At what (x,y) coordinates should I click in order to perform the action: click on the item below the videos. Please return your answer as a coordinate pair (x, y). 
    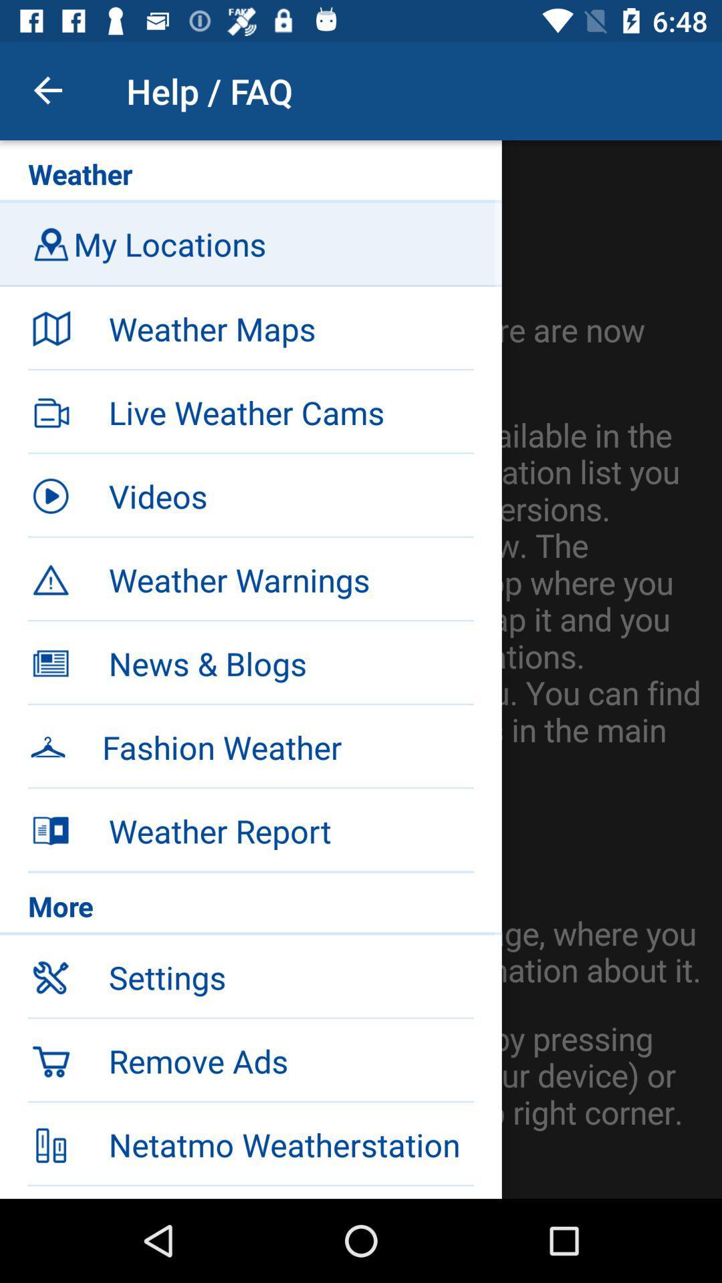
    Looking at the image, I should click on (251, 578).